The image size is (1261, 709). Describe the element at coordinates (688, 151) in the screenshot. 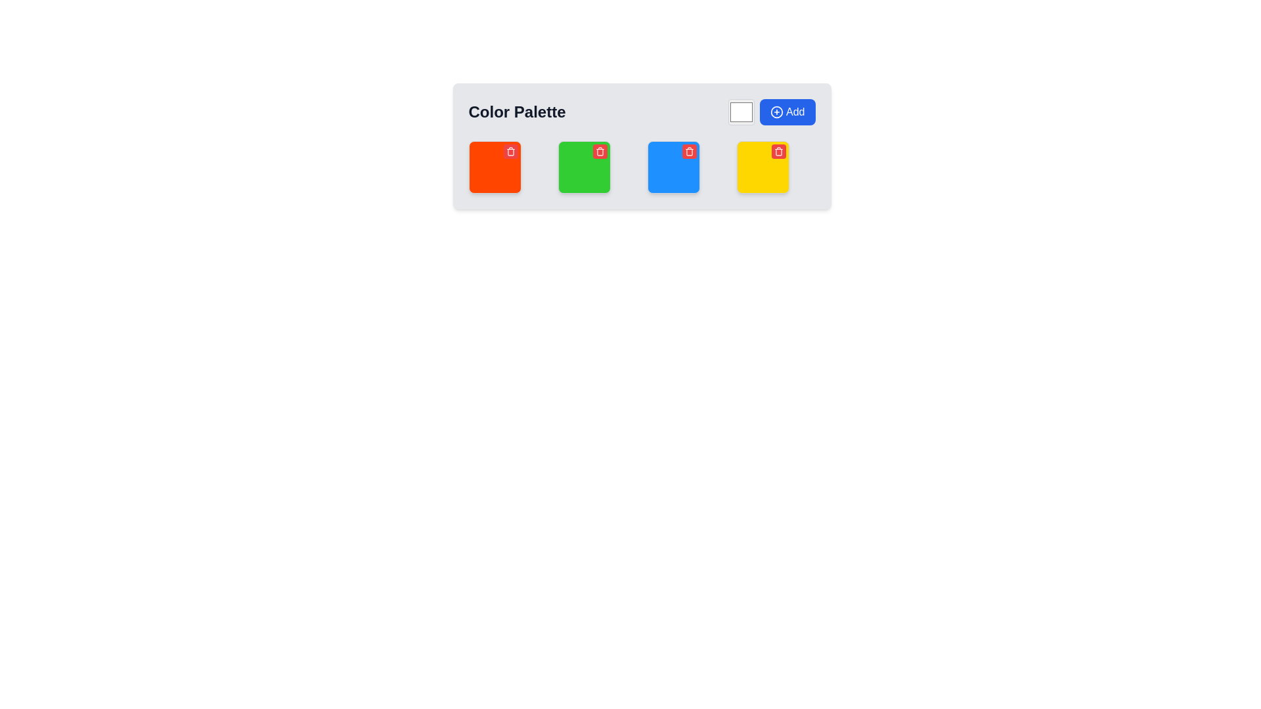

I see `the delete icon located in the top-right corner of the first blue square block in the second row of the Color Palette section` at that location.